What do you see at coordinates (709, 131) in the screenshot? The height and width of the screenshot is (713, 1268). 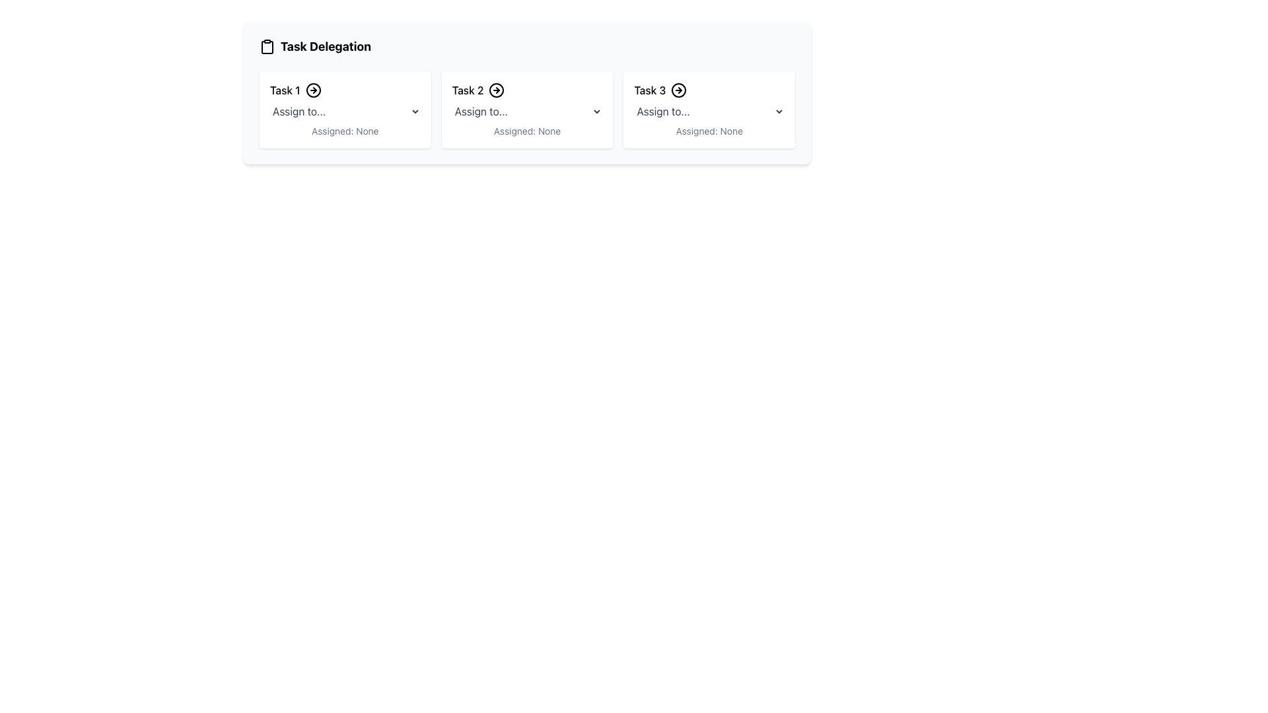 I see `the label indicating the current assignment status for 'Task 3', which shows 'None'` at bounding box center [709, 131].